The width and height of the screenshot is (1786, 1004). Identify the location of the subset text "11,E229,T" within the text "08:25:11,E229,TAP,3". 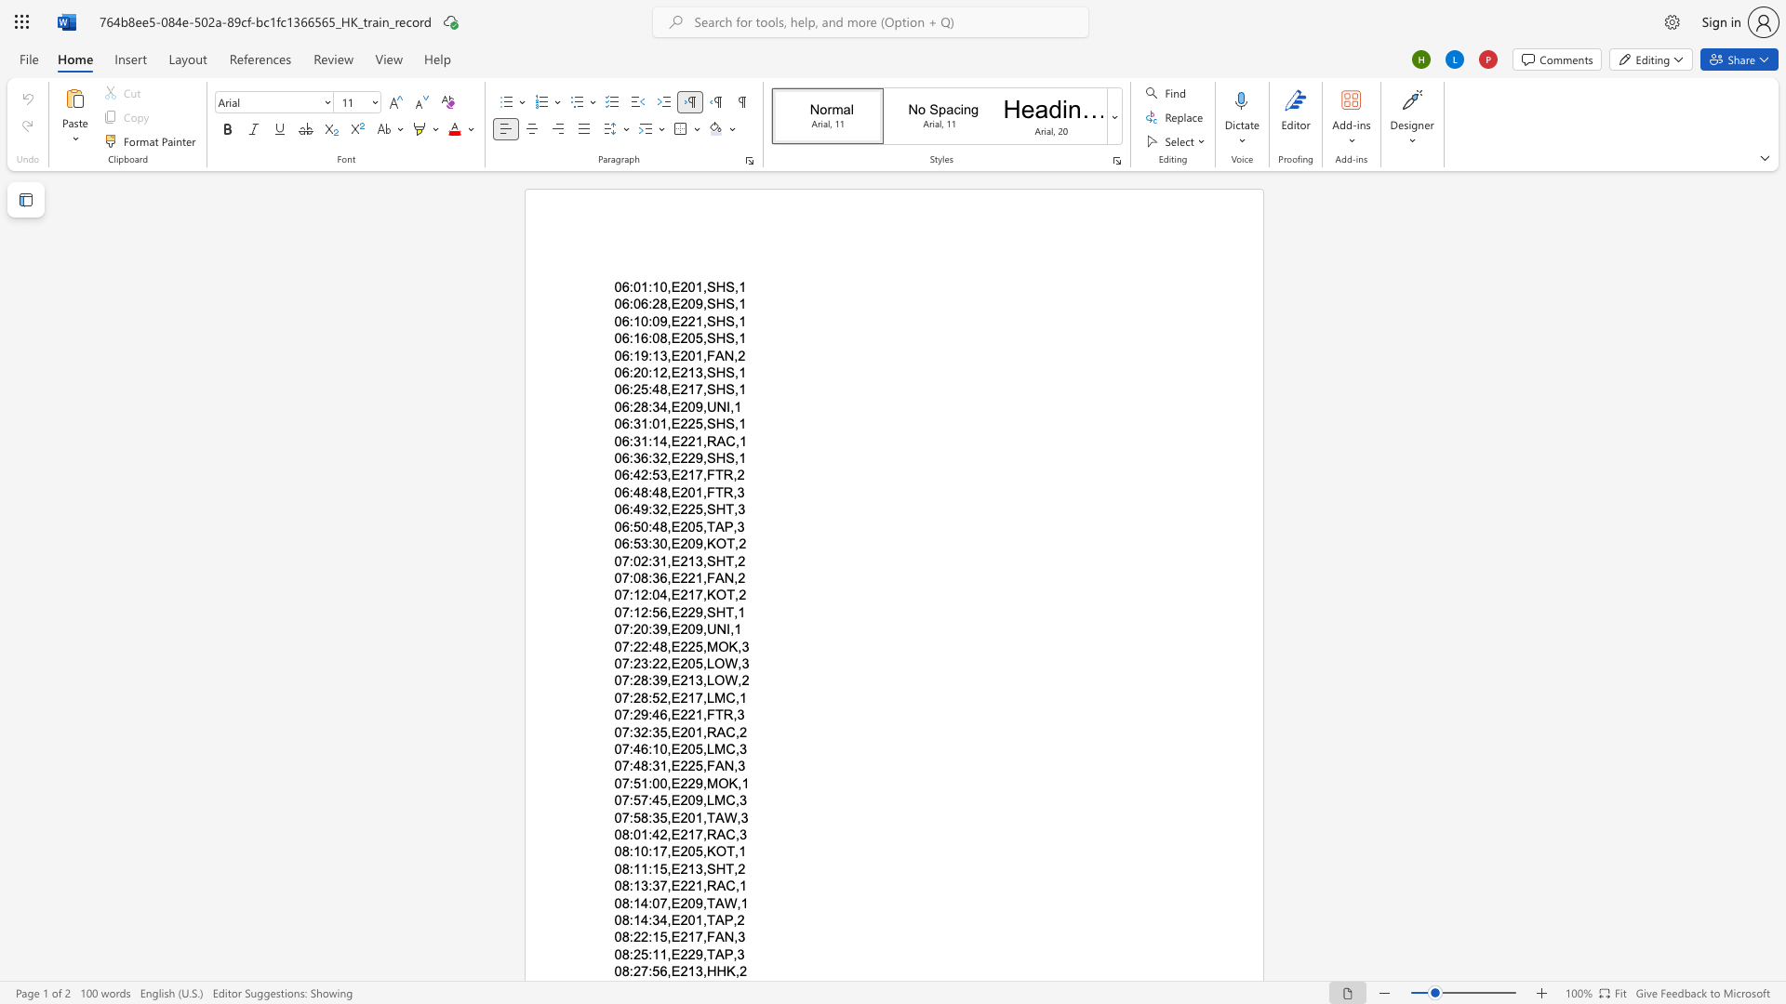
(652, 954).